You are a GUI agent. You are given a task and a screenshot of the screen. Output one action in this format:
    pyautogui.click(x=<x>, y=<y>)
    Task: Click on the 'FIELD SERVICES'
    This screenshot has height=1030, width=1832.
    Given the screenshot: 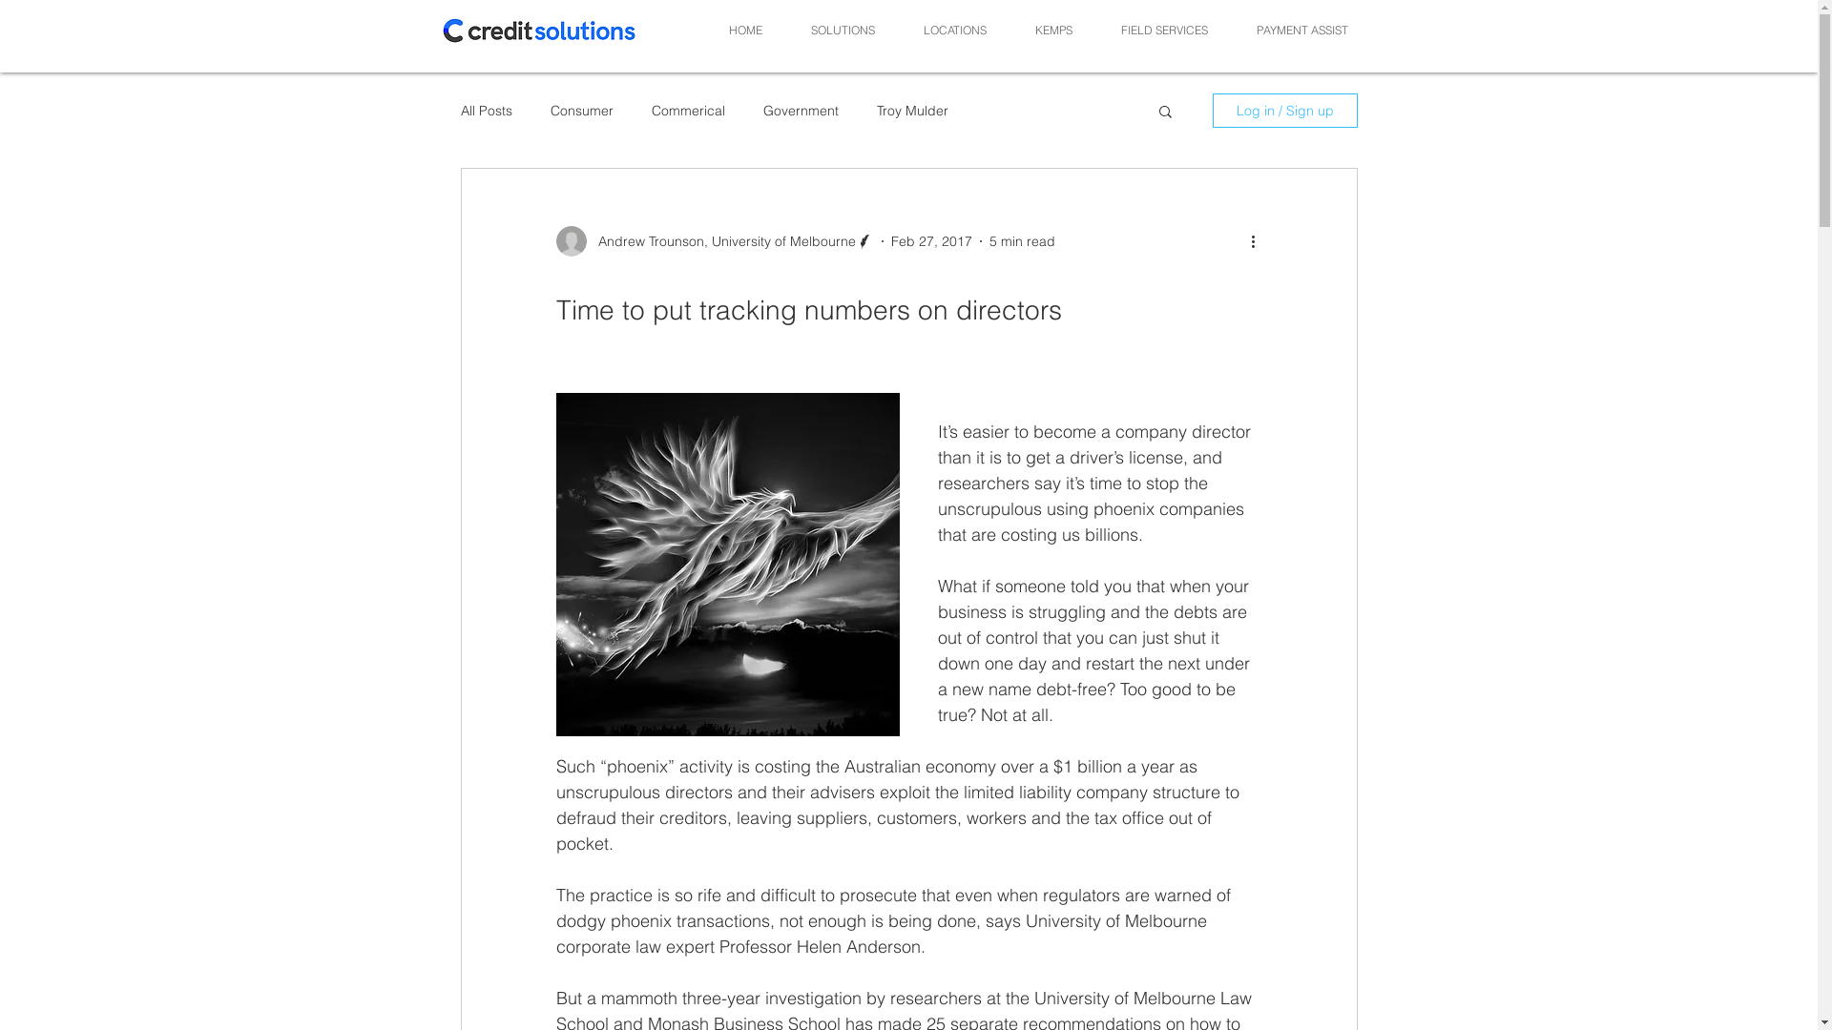 What is the action you would take?
    pyautogui.click(x=1163, y=30)
    